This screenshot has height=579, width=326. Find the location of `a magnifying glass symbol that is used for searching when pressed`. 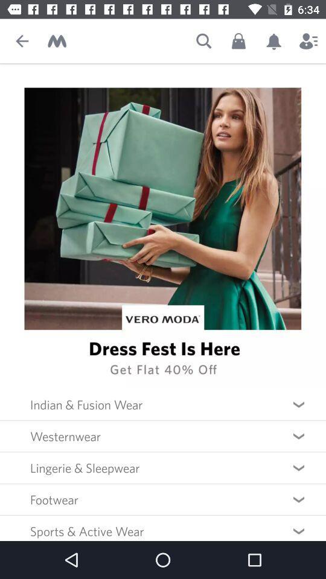

a magnifying glass symbol that is used for searching when pressed is located at coordinates (203, 41).